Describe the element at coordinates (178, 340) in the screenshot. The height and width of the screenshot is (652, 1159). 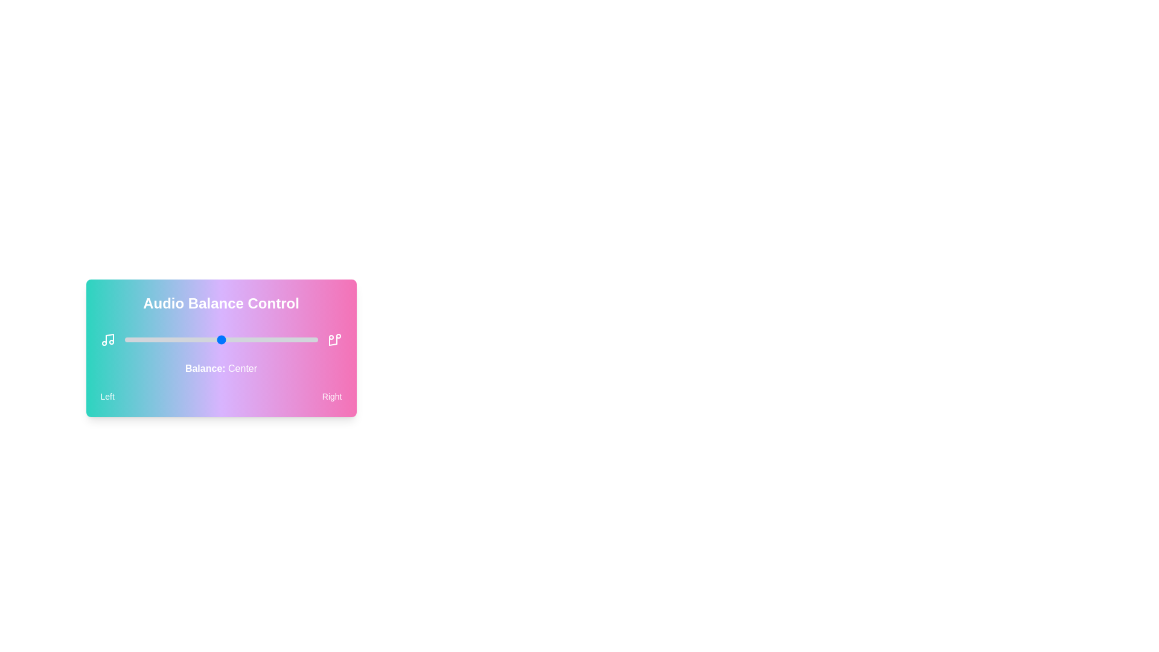
I see `the audio balance slider to 28 percent` at that location.